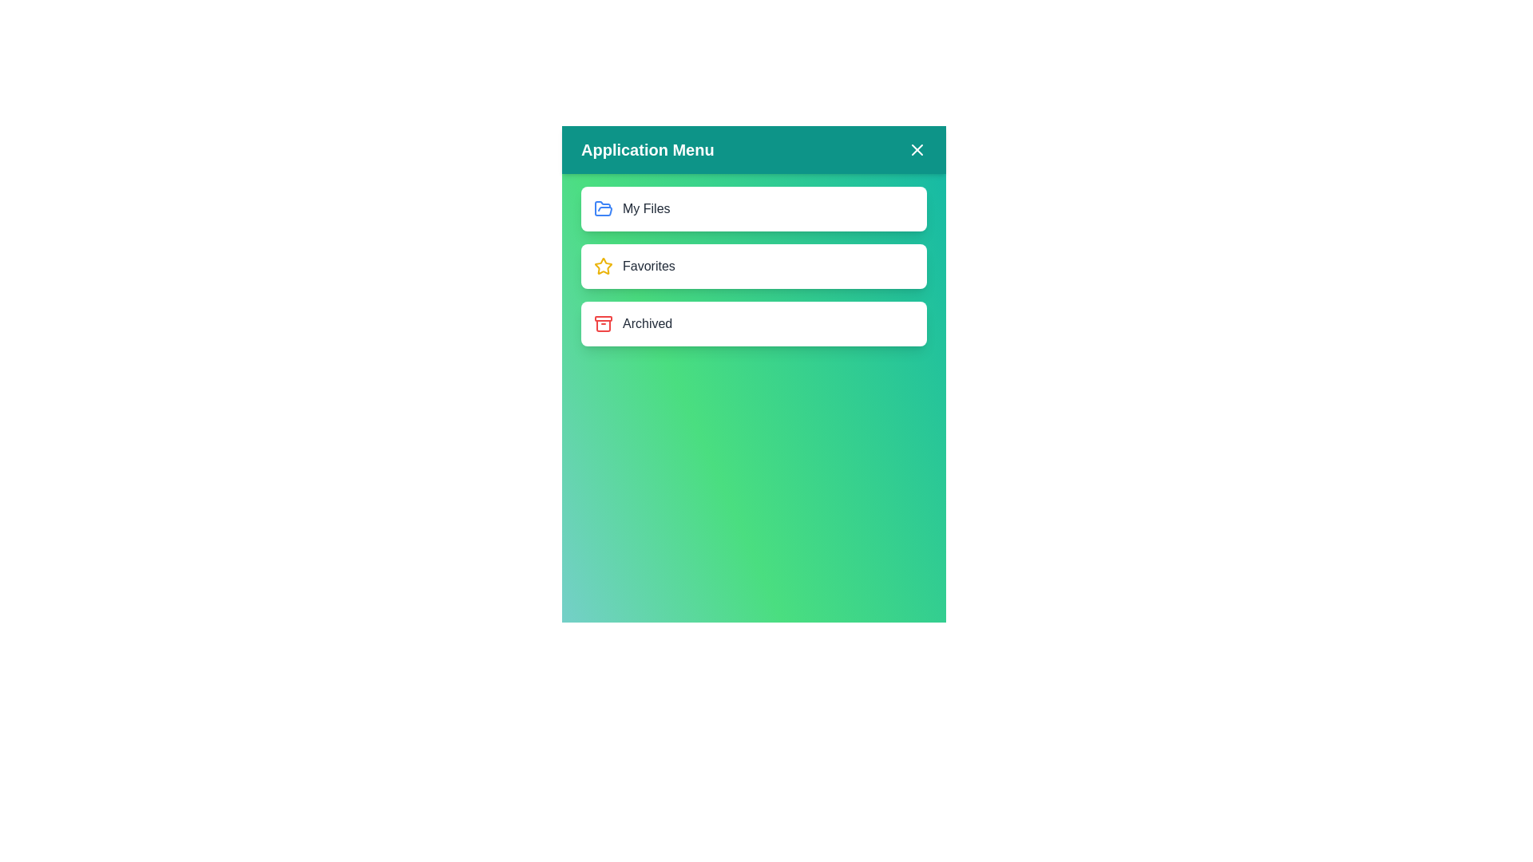 This screenshot has width=1533, height=862. What do you see at coordinates (602, 323) in the screenshot?
I see `the icon of the menu item Archived` at bounding box center [602, 323].